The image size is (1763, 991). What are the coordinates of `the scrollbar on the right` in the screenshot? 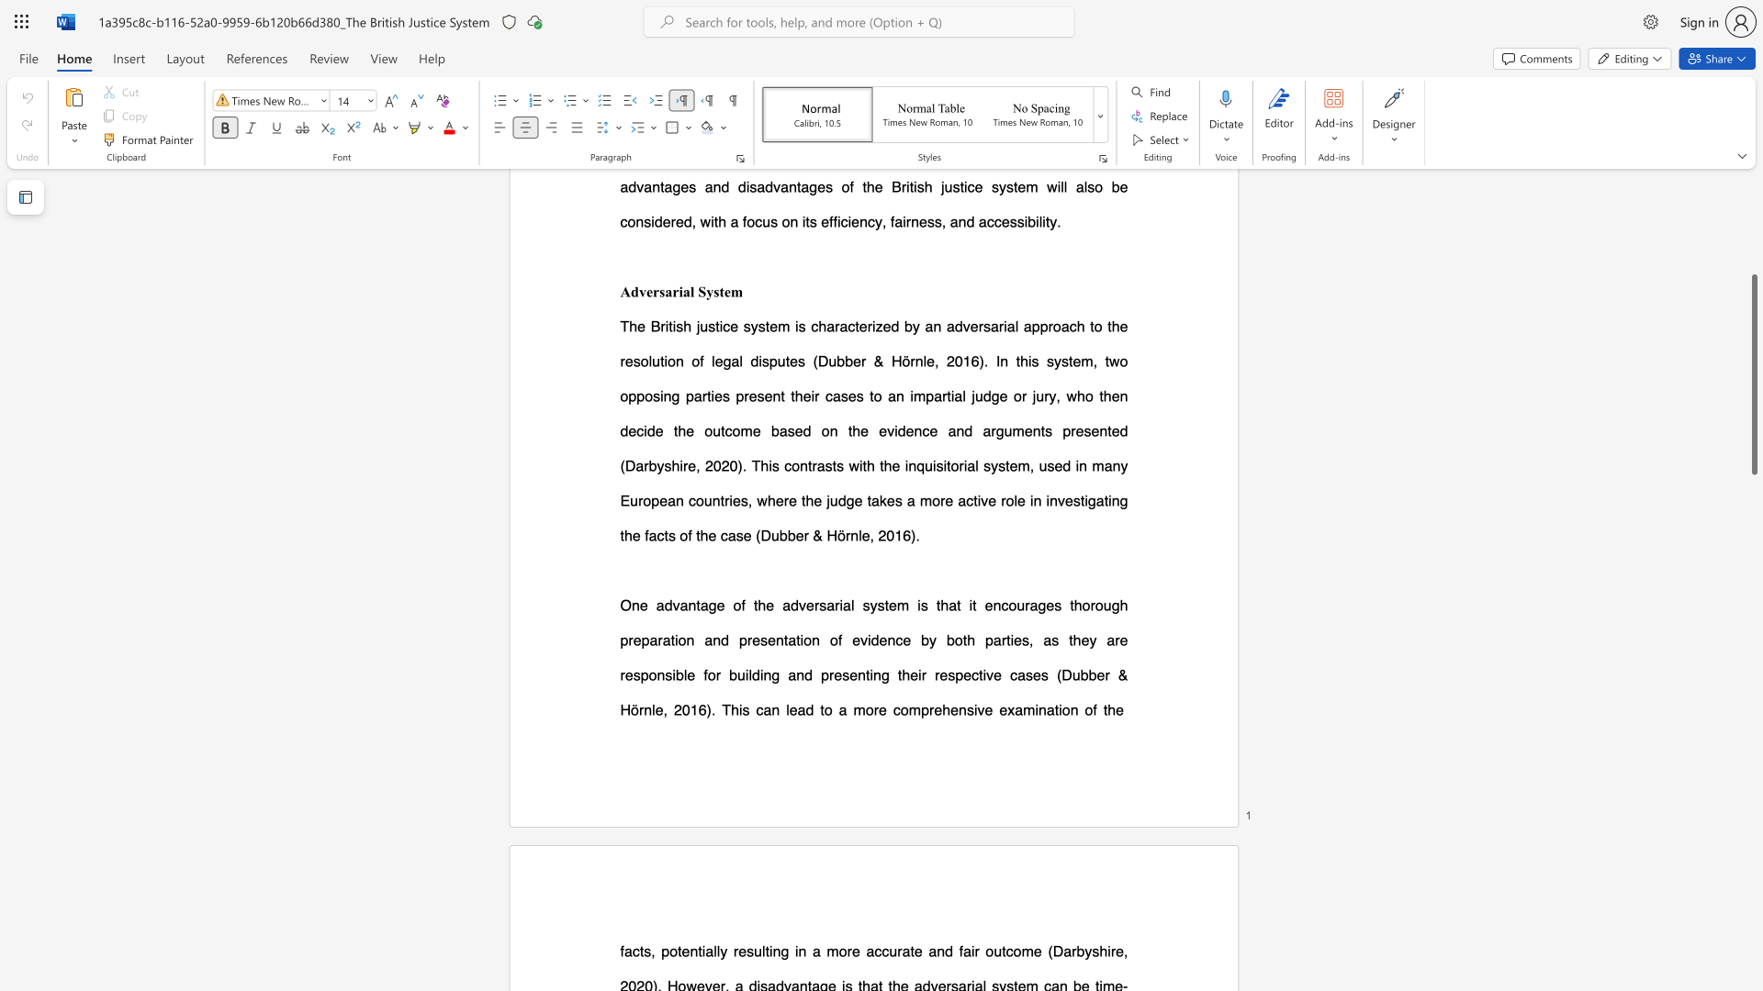 It's located at (1753, 275).